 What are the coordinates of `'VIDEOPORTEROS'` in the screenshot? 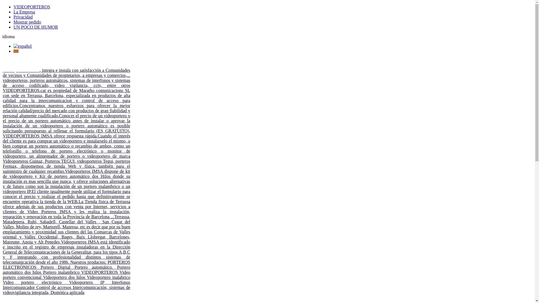 It's located at (31, 7).